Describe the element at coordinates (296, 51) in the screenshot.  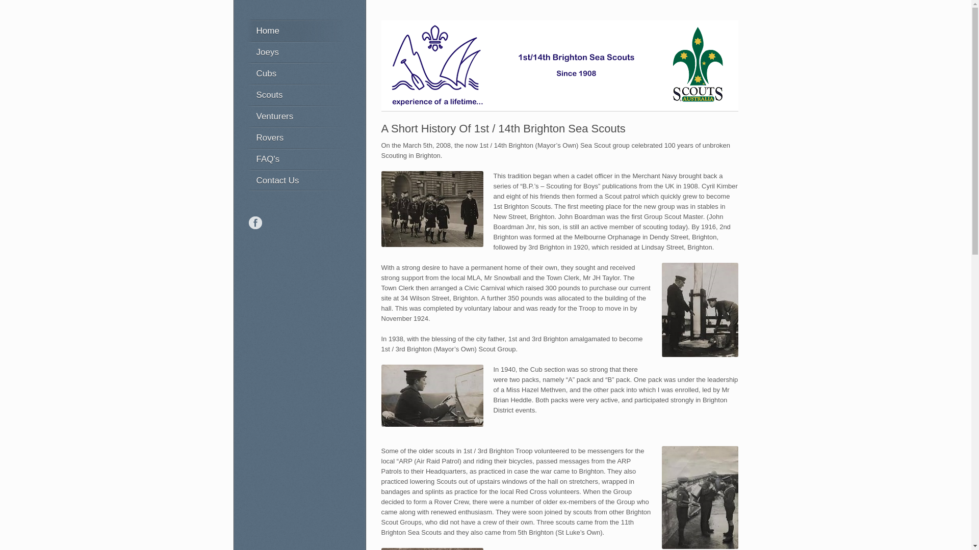
I see `'Joeys'` at that location.